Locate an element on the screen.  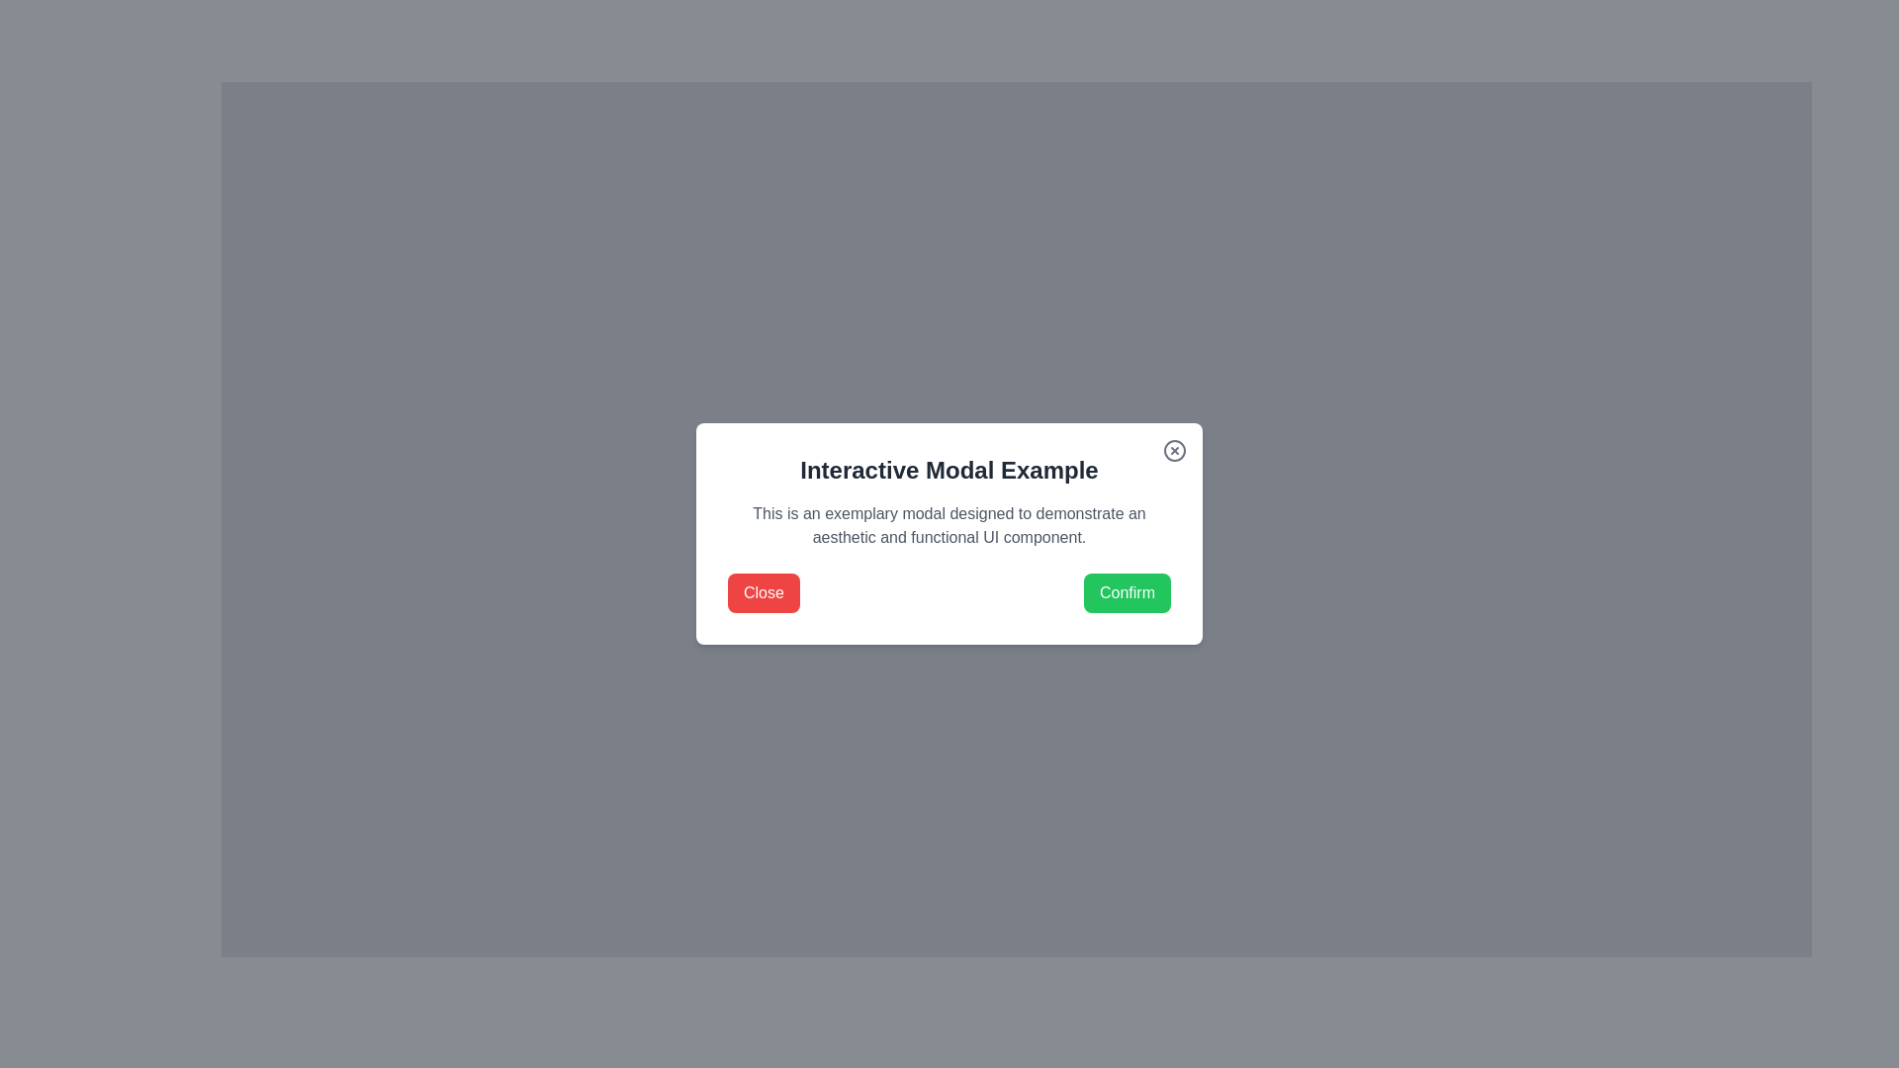
the Icon button located in the top-right corner of the modal dialog box is located at coordinates (1175, 450).